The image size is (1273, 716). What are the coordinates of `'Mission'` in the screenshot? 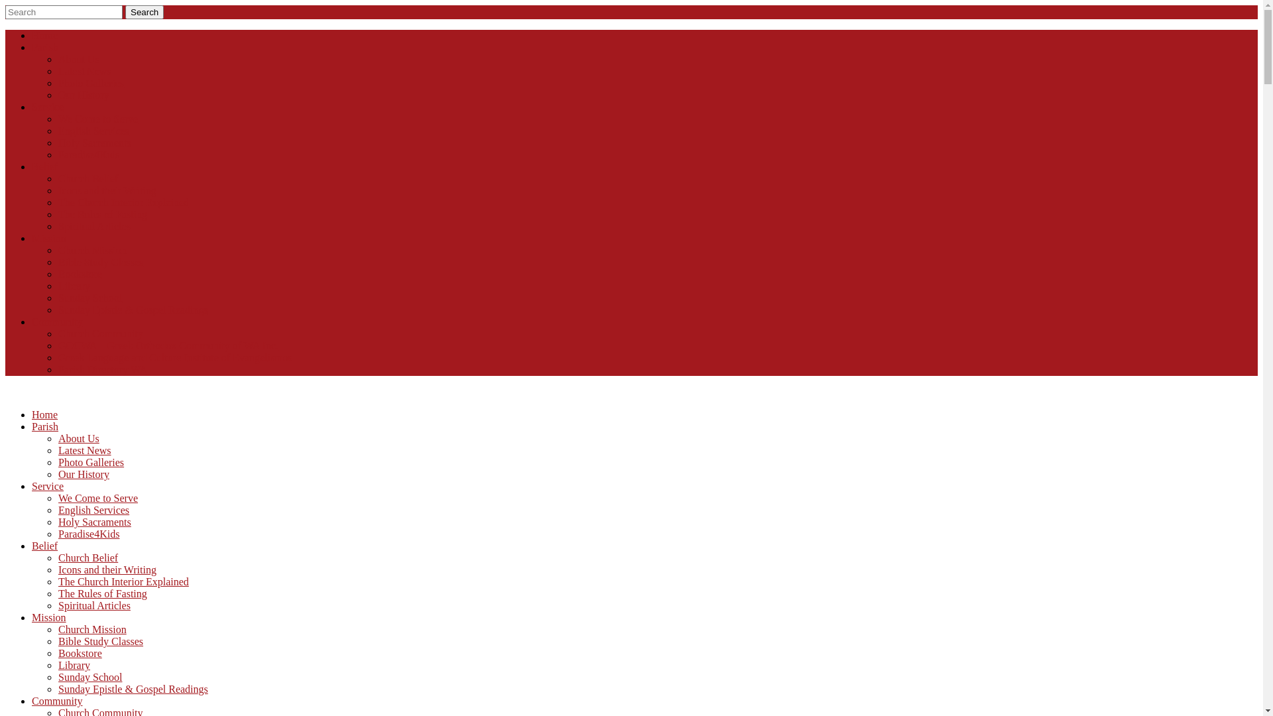 It's located at (48, 617).